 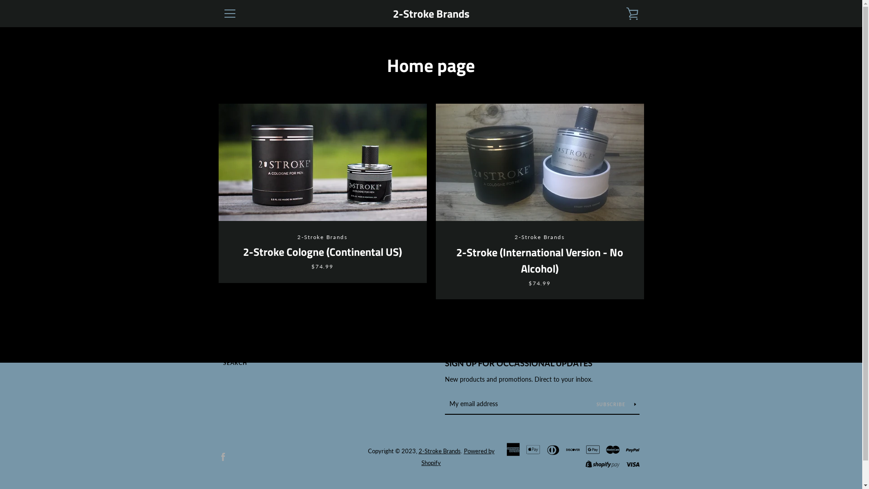 What do you see at coordinates (222, 362) in the screenshot?
I see `'SEARCH'` at bounding box center [222, 362].